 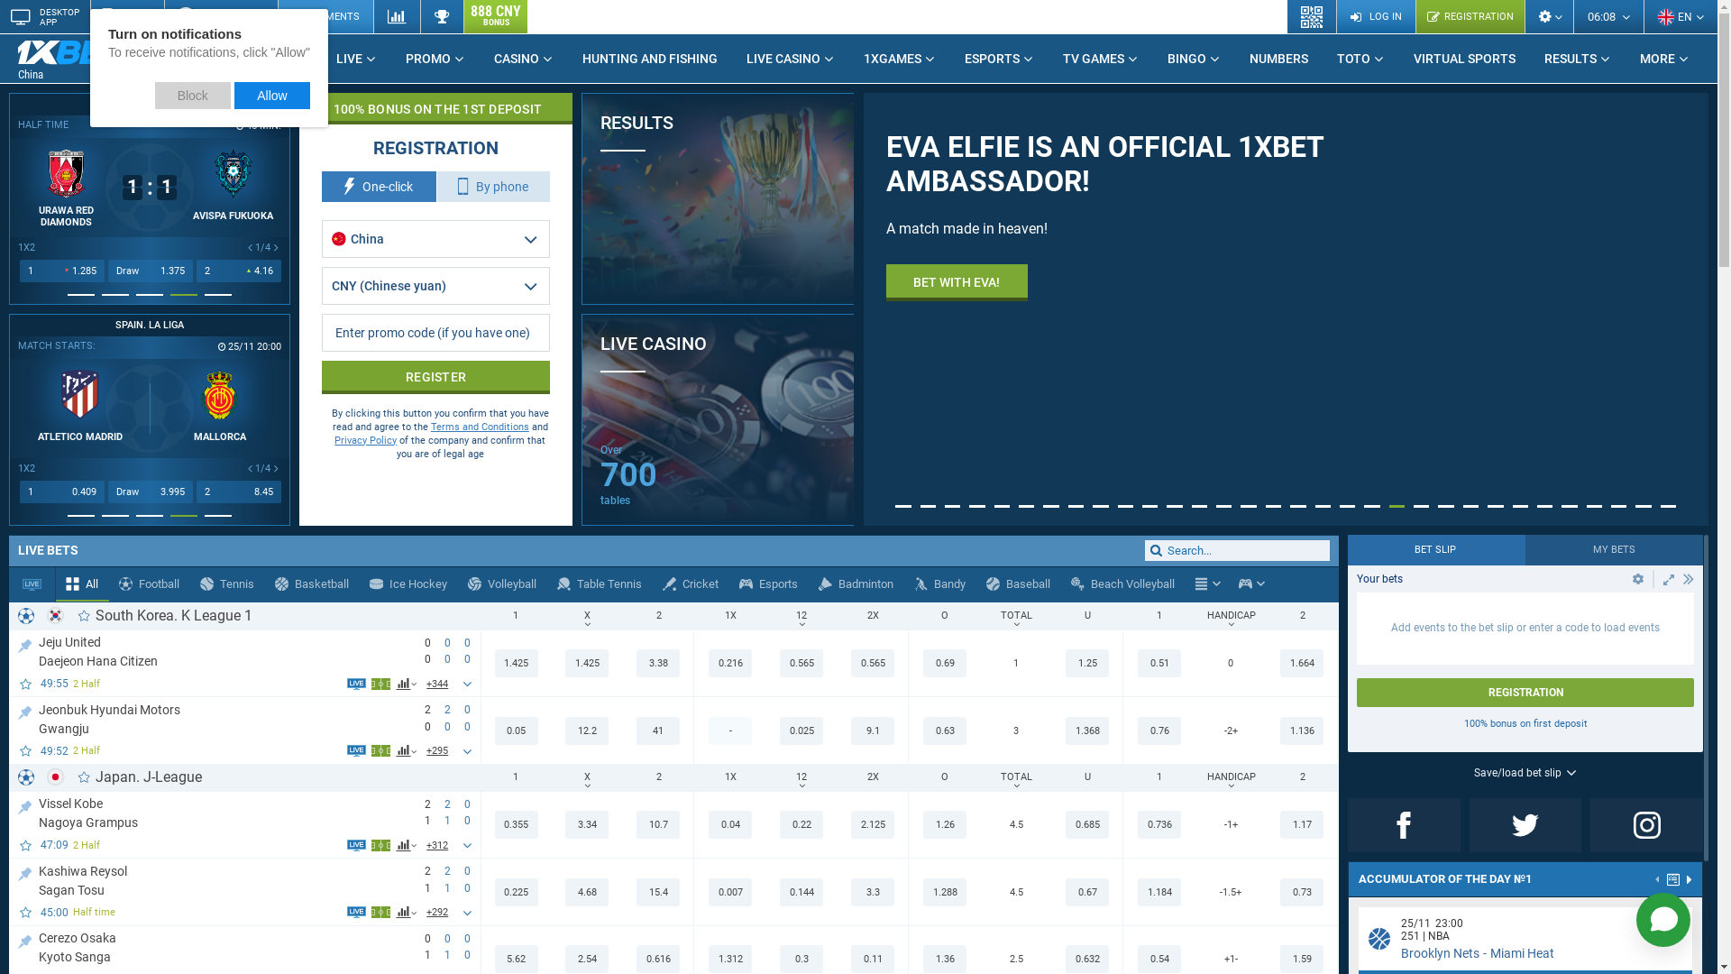 What do you see at coordinates (1287, 16) in the screenshot?
I see `'QR code login'` at bounding box center [1287, 16].